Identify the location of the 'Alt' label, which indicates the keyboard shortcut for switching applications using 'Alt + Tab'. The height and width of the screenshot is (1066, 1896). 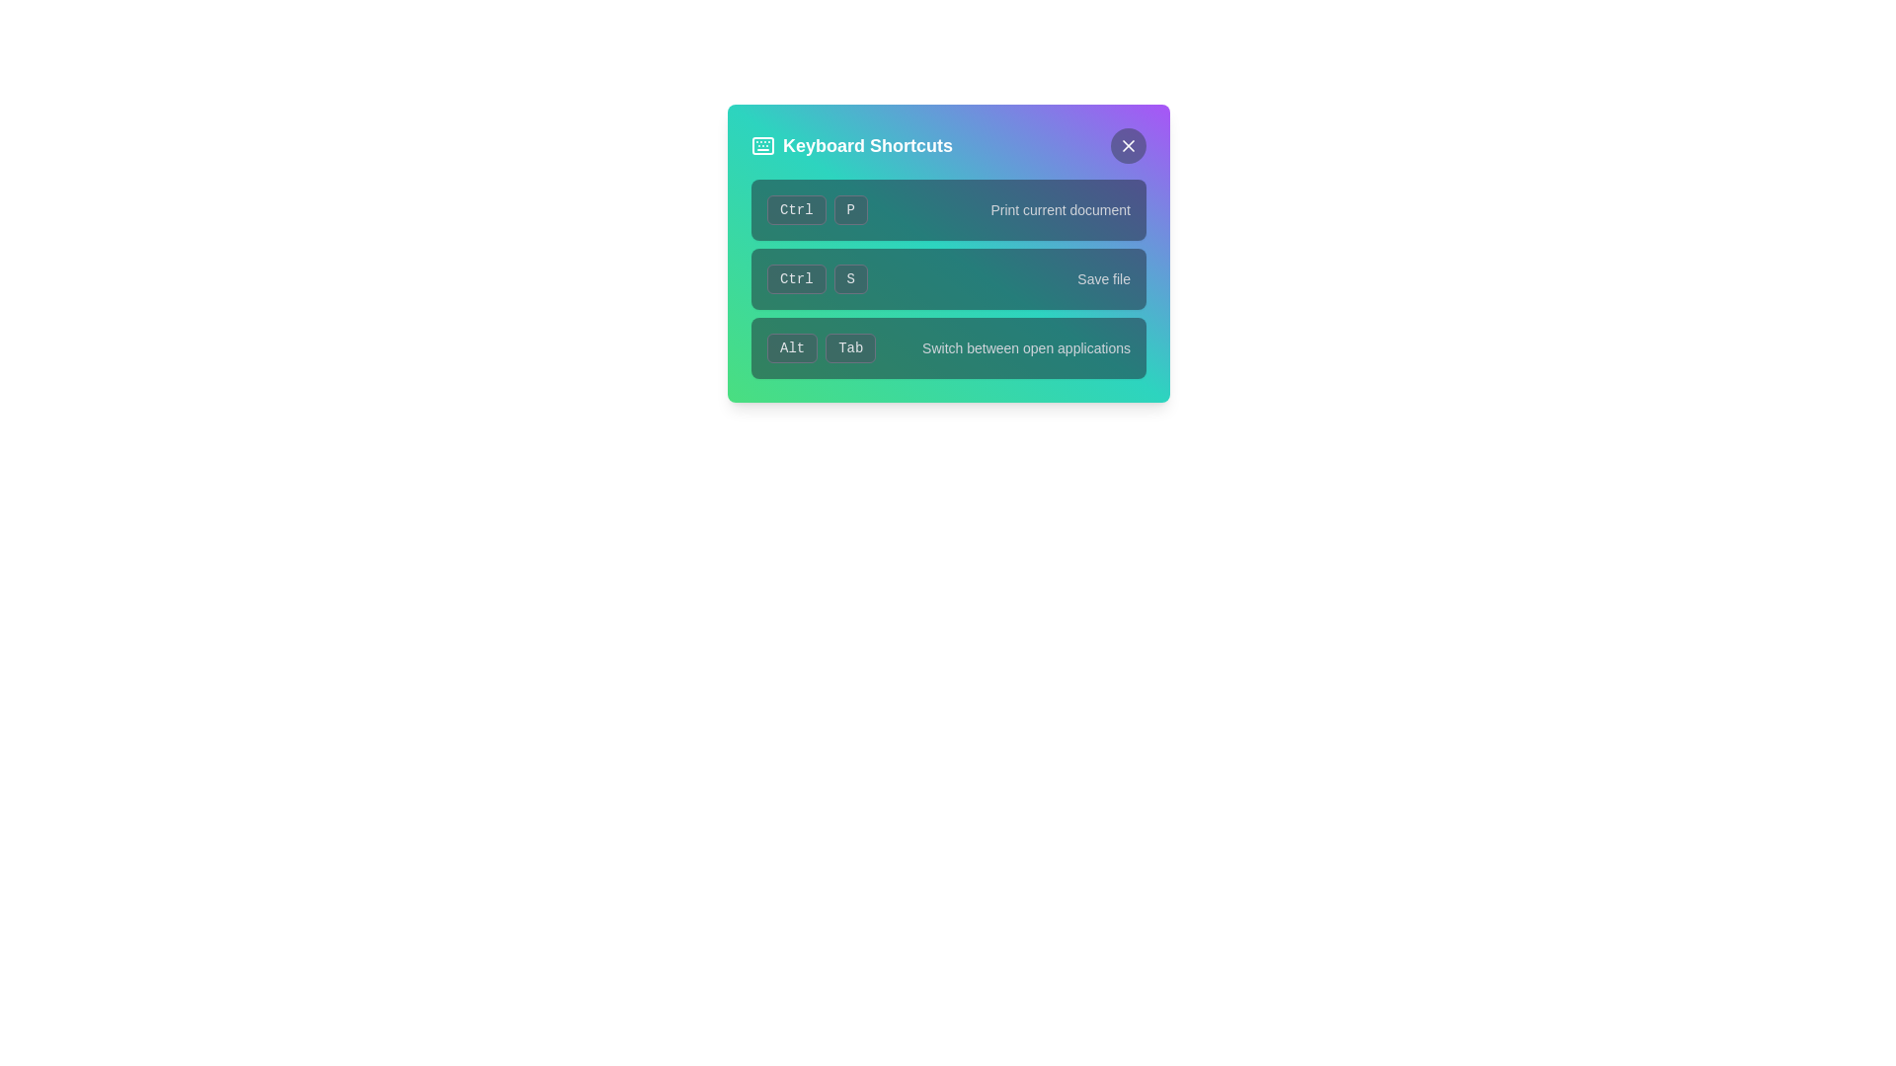
(792, 347).